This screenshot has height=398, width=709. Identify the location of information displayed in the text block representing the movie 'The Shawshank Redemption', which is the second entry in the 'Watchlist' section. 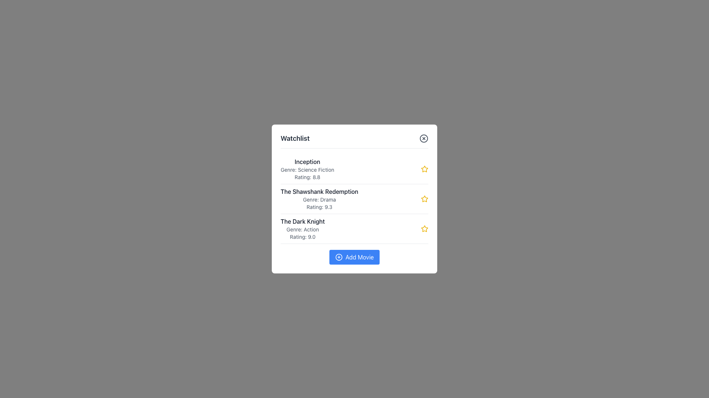
(319, 199).